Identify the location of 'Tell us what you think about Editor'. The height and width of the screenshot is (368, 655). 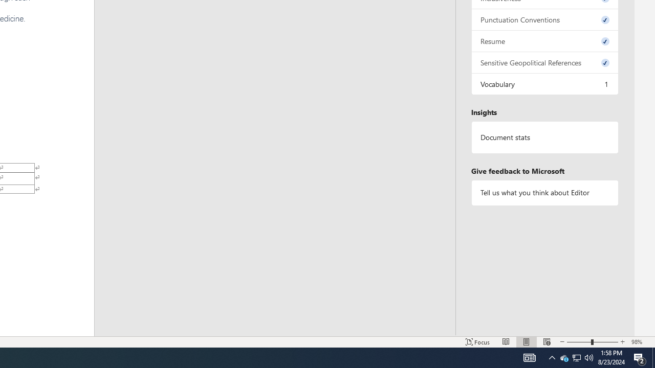
(544, 193).